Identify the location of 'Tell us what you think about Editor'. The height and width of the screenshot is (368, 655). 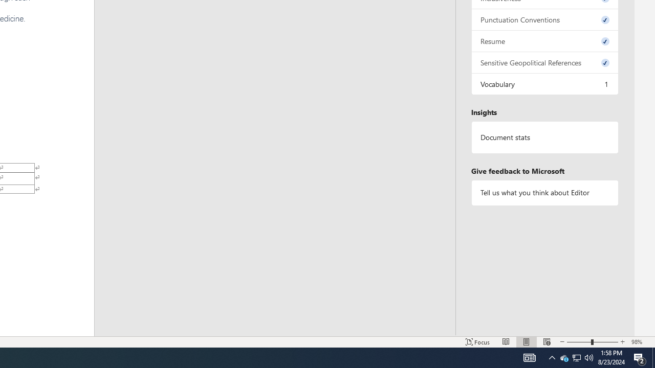
(544, 193).